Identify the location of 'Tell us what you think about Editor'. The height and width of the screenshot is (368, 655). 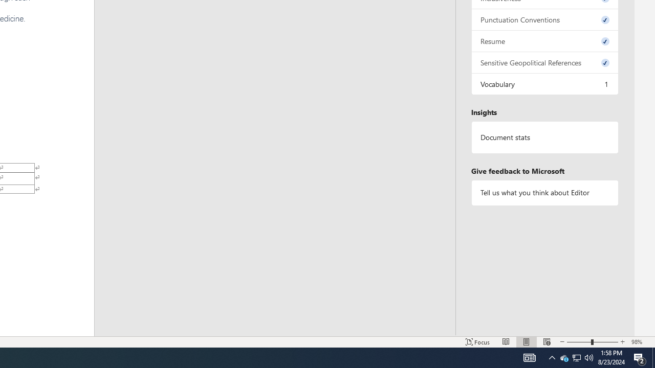
(544, 193).